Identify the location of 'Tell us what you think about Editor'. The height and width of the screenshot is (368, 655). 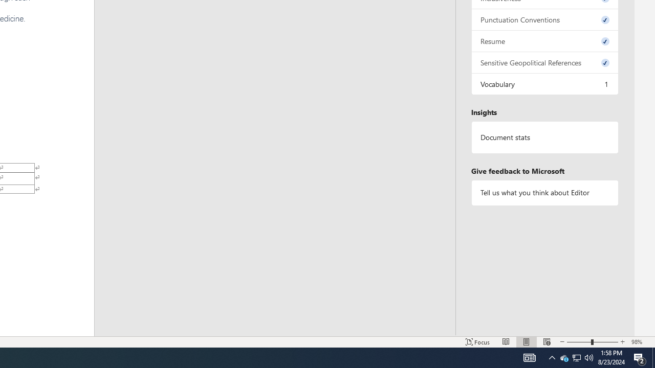
(544, 193).